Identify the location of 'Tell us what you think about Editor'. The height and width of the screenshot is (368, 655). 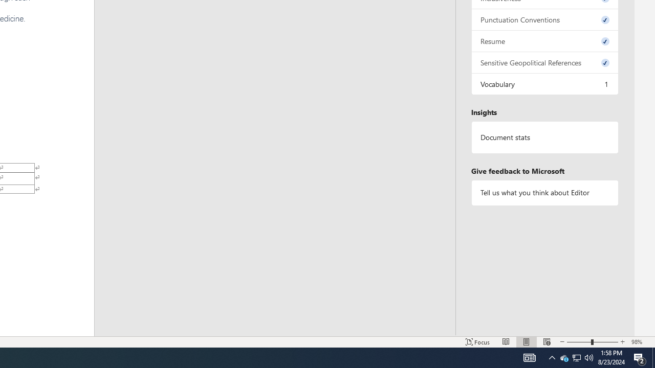
(544, 193).